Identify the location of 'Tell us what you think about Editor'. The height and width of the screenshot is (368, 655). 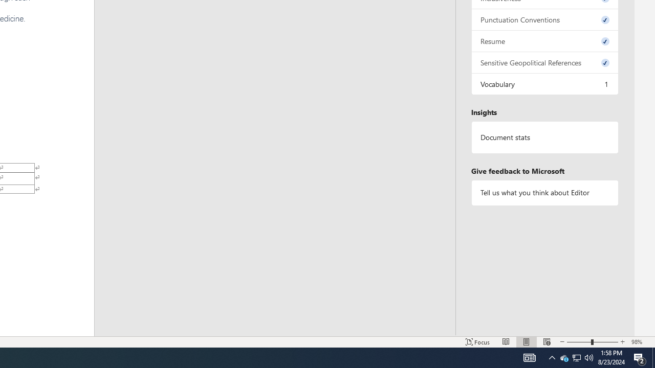
(544, 193).